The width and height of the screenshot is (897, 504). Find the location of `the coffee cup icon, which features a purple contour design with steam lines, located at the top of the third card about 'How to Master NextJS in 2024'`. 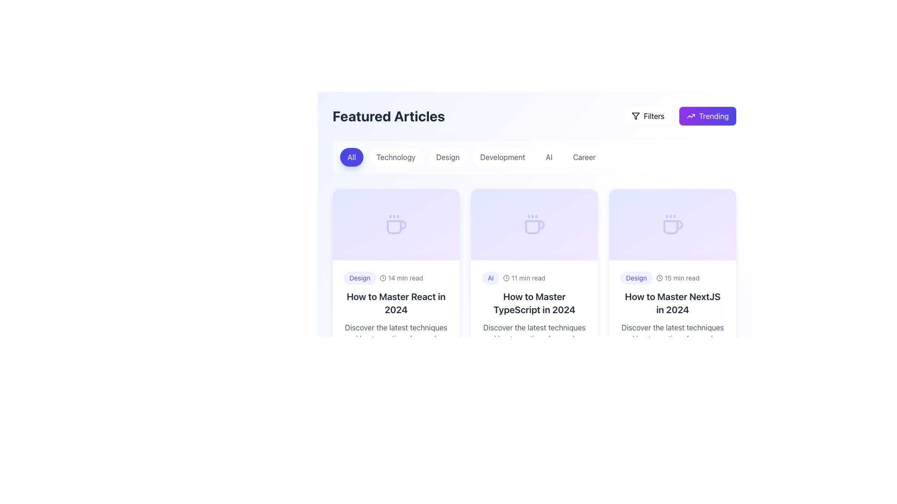

the coffee cup icon, which features a purple contour design with steam lines, located at the top of the third card about 'How to Master NextJS in 2024' is located at coordinates (673, 224).